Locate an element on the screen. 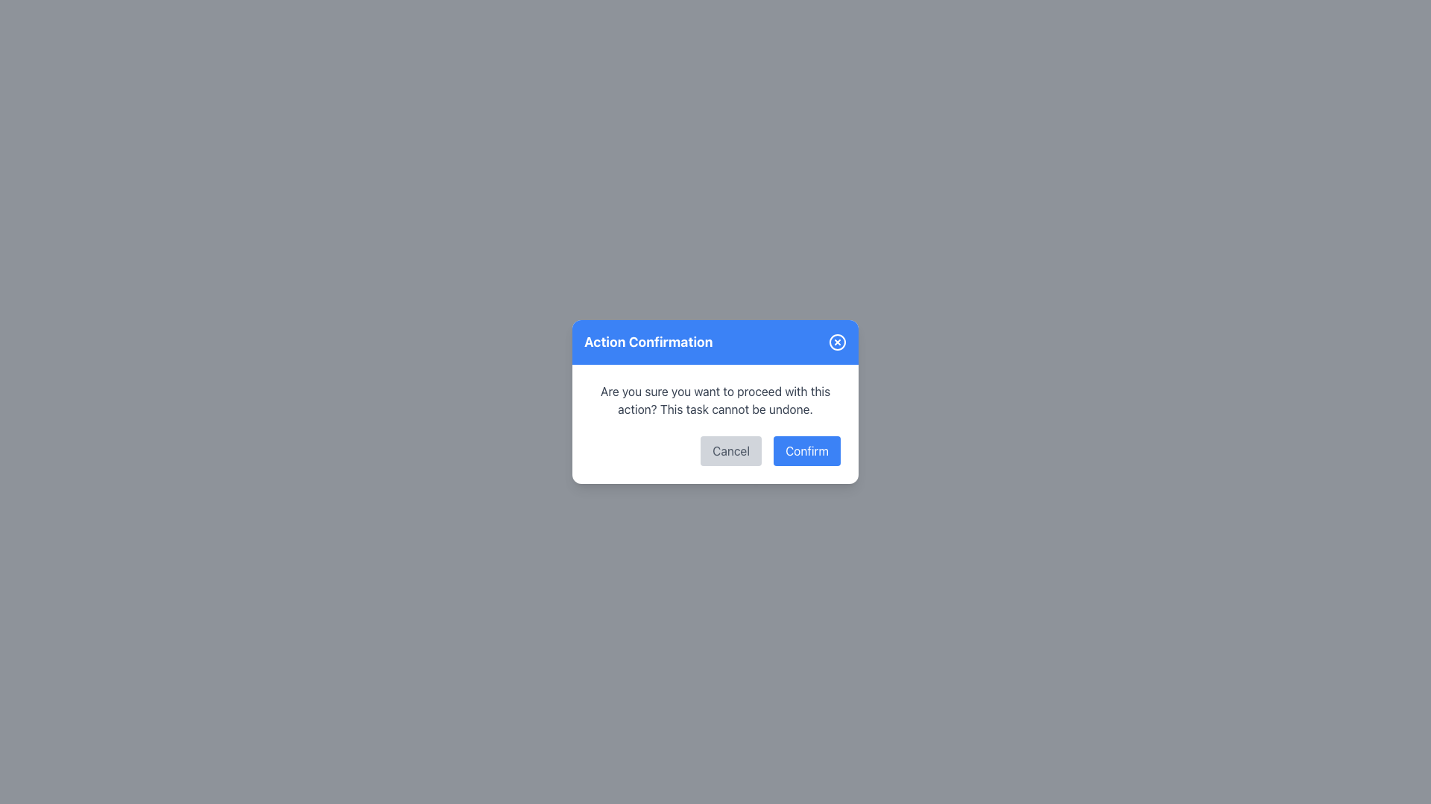  the circular icon button with a cross mark in the center located in the top-right corner of the 'Action Confirmation' modal header is located at coordinates (837, 342).